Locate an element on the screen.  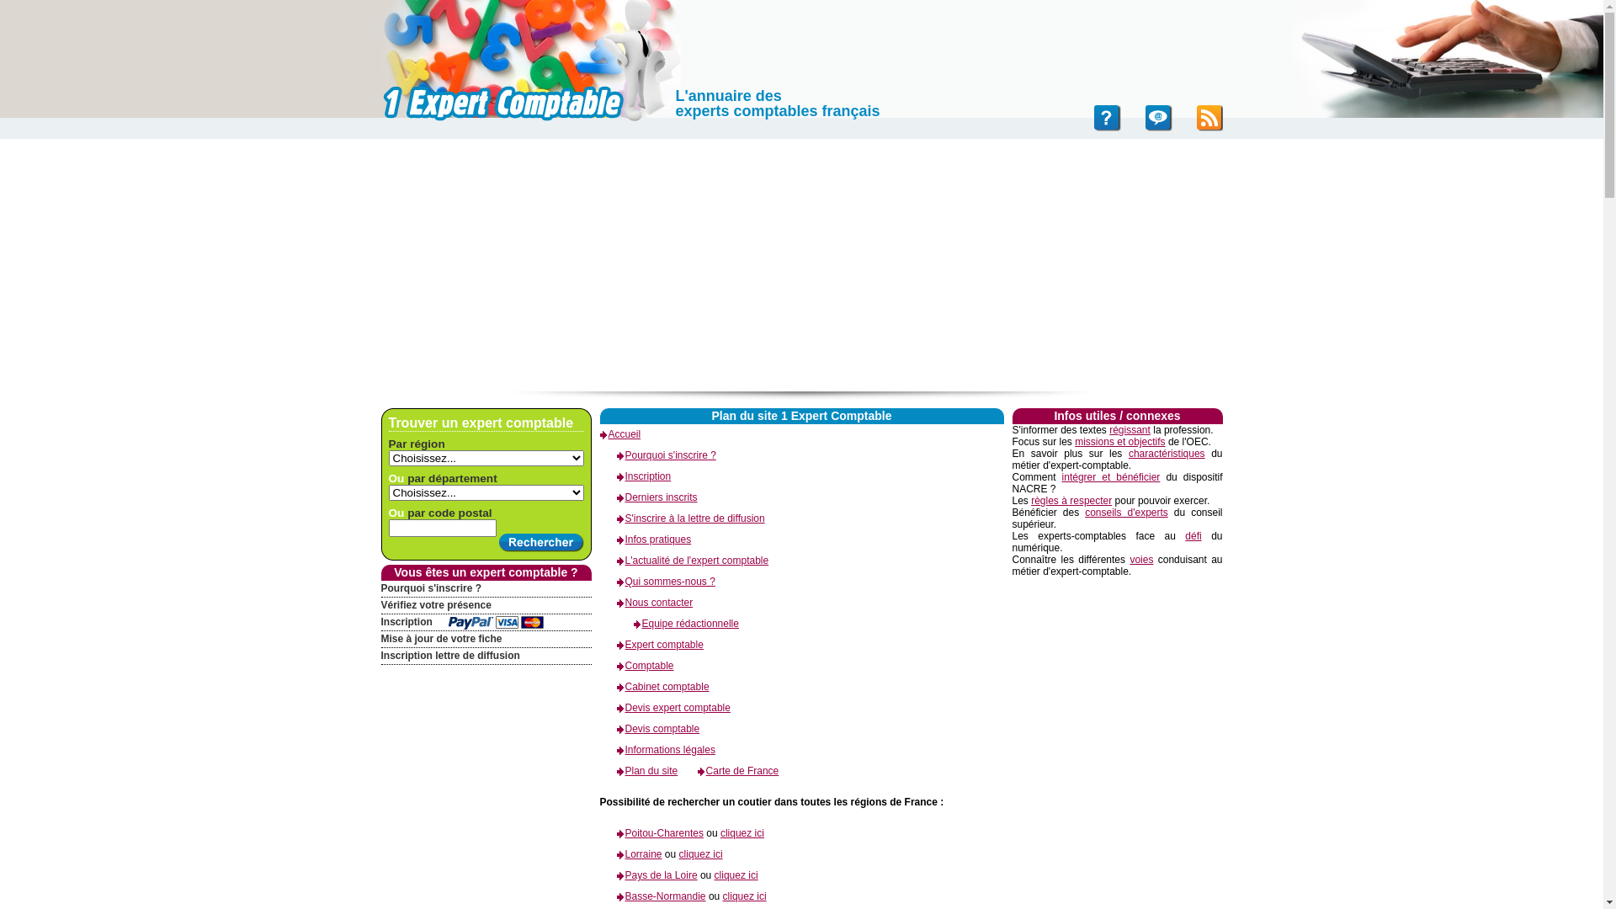
'Devis comptable' is located at coordinates (598, 728).